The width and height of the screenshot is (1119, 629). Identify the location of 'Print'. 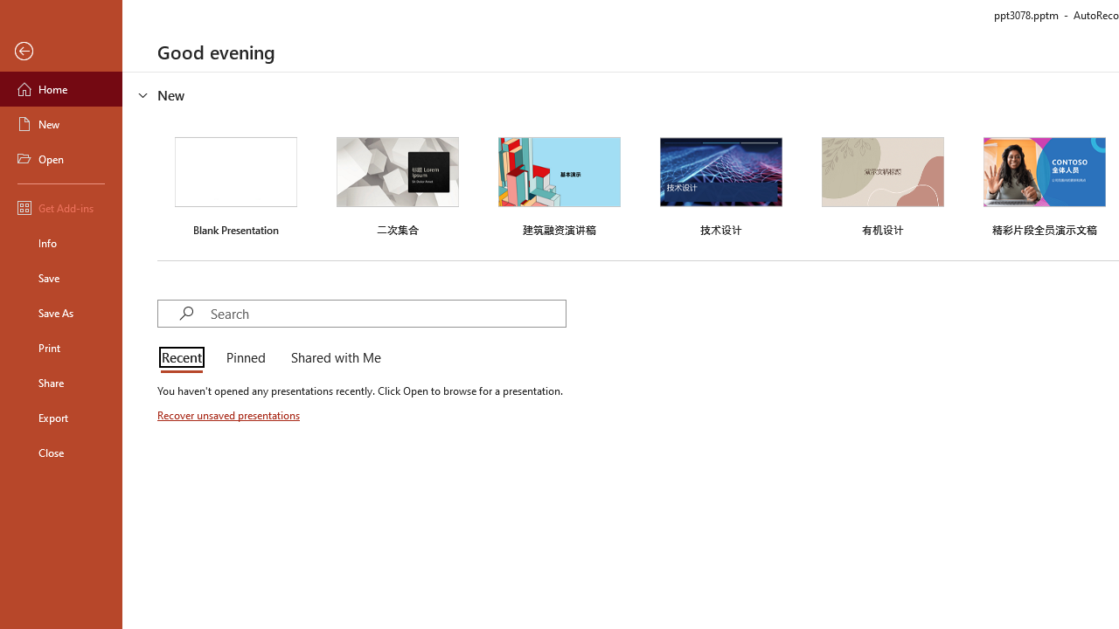
(60, 348).